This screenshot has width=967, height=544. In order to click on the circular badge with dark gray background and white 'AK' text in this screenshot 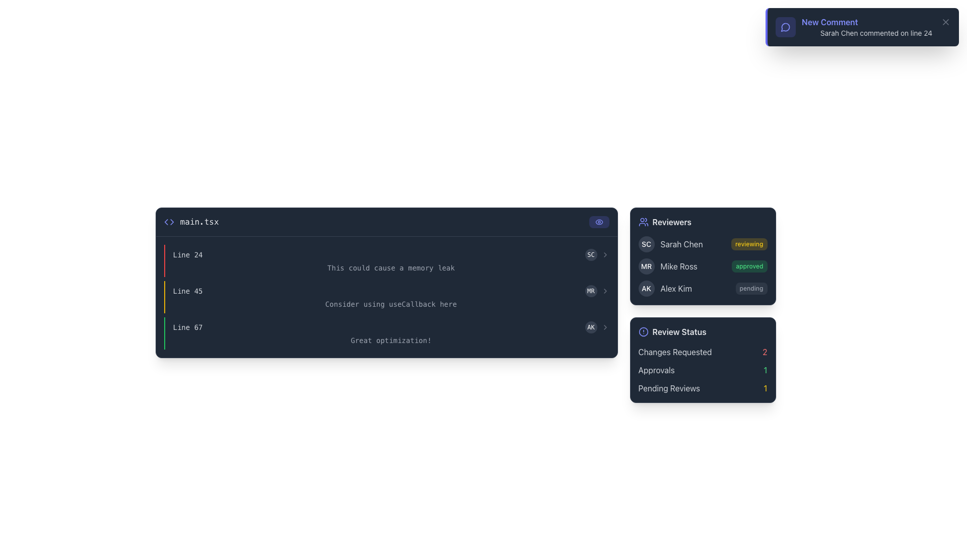, I will do `click(591, 327)`.